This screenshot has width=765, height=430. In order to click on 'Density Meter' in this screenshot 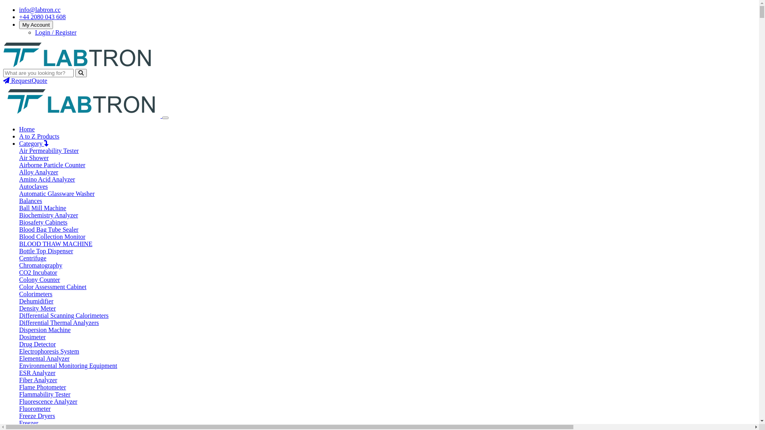, I will do `click(37, 308)`.